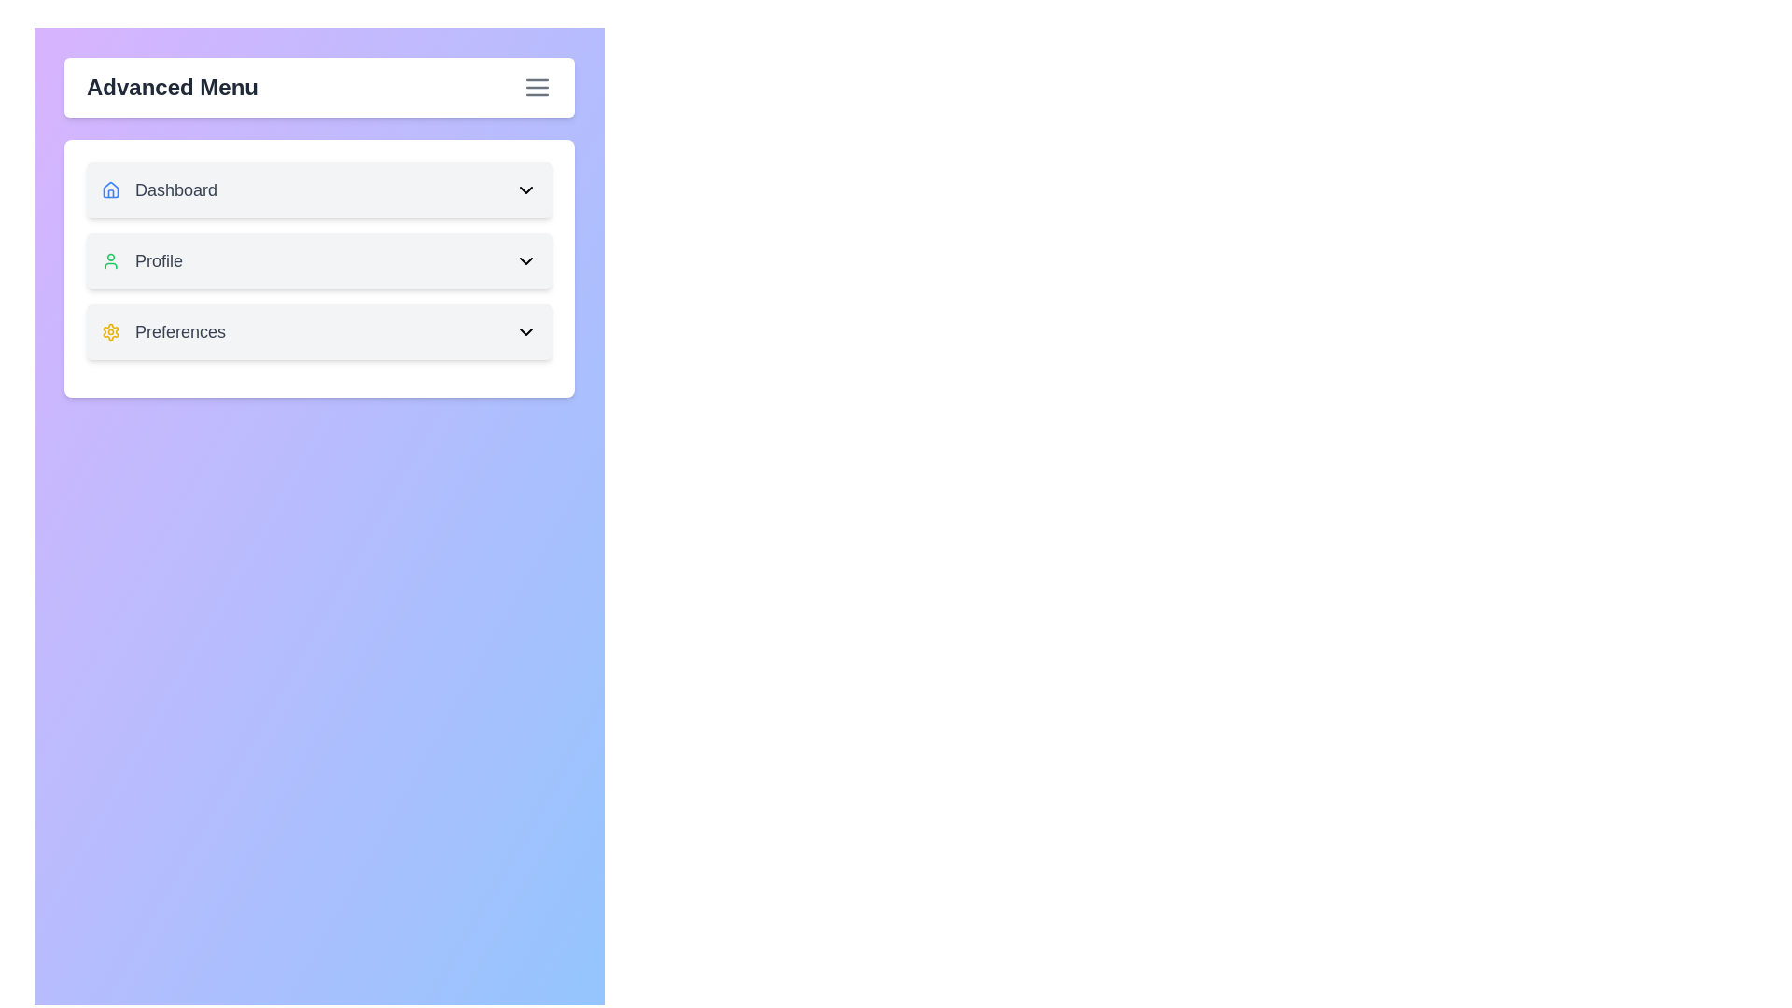  Describe the element at coordinates (525, 330) in the screenshot. I see `the downward chevron icon located at the top-right corner of the 'Preferences' list item` at that location.